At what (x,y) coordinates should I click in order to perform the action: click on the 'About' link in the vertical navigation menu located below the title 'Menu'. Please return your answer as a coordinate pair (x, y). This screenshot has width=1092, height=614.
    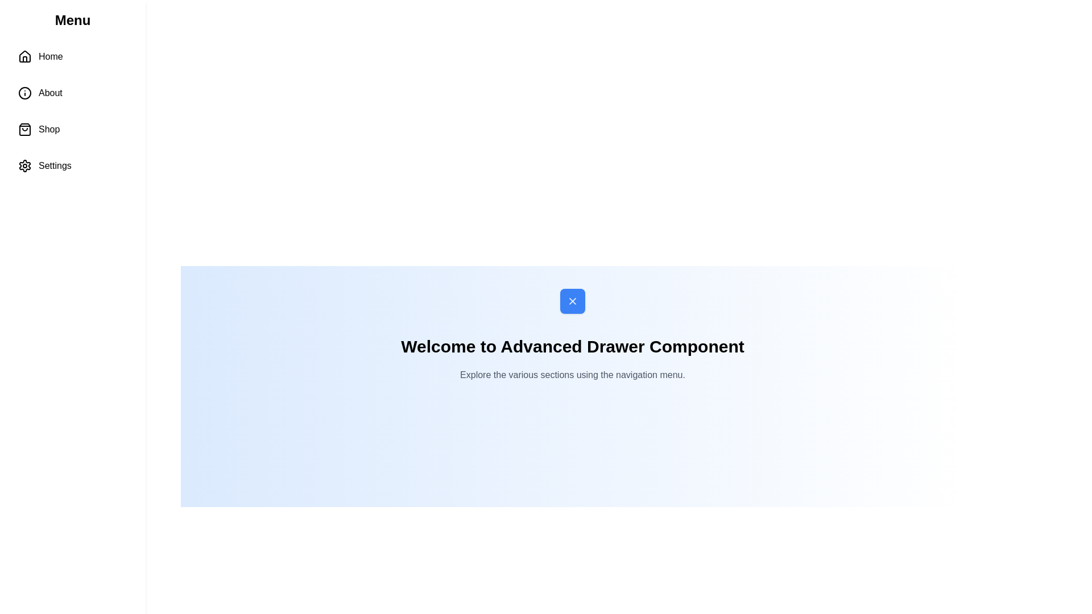
    Looking at the image, I should click on (72, 111).